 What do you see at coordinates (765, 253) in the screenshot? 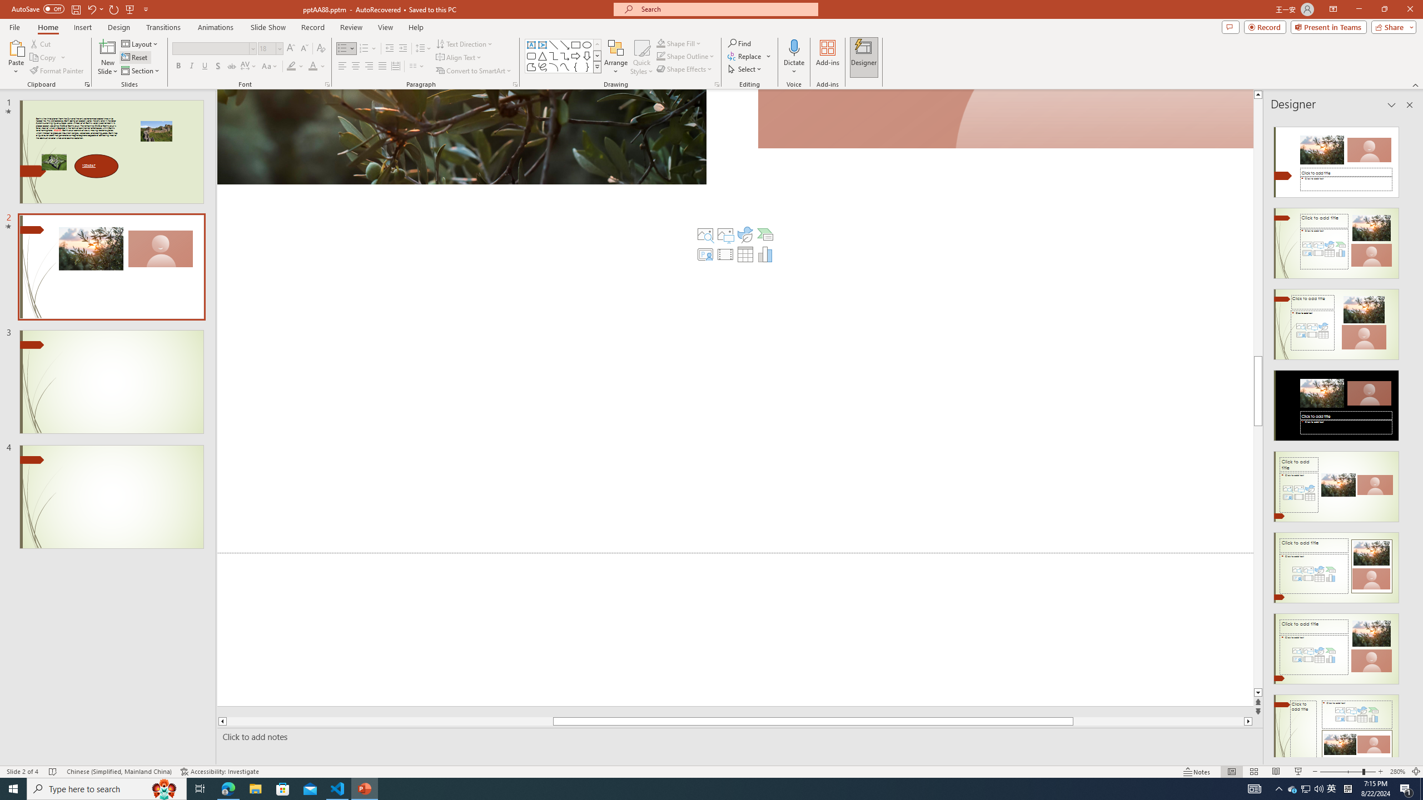
I see `'Insert Chart'` at bounding box center [765, 253].